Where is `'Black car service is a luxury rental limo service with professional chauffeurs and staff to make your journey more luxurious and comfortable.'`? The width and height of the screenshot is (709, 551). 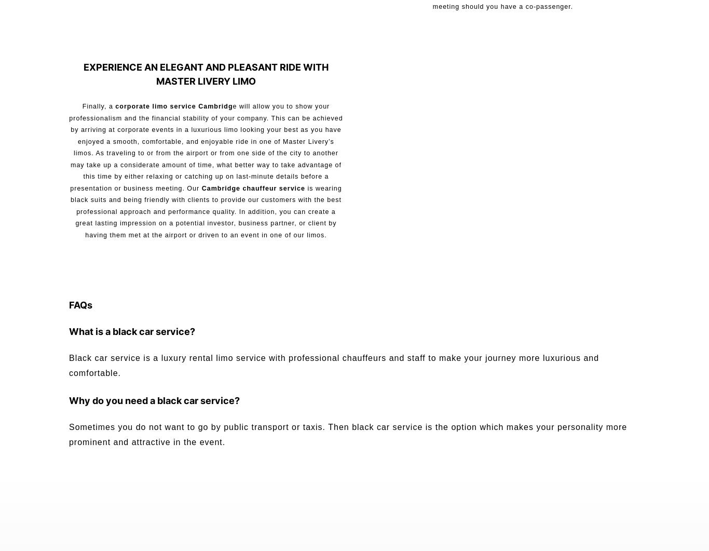
'Black car service is a luxury rental limo service with professional chauffeurs and staff to make your journey more luxurious and comfortable.' is located at coordinates (333, 365).